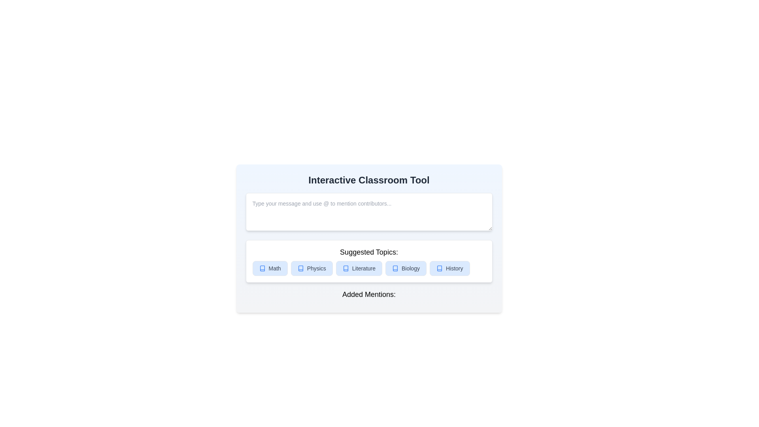 This screenshot has height=427, width=759. Describe the element at coordinates (359, 268) in the screenshot. I see `the 'Literature' button, which is the third button in the 'Suggested Topics' section` at that location.